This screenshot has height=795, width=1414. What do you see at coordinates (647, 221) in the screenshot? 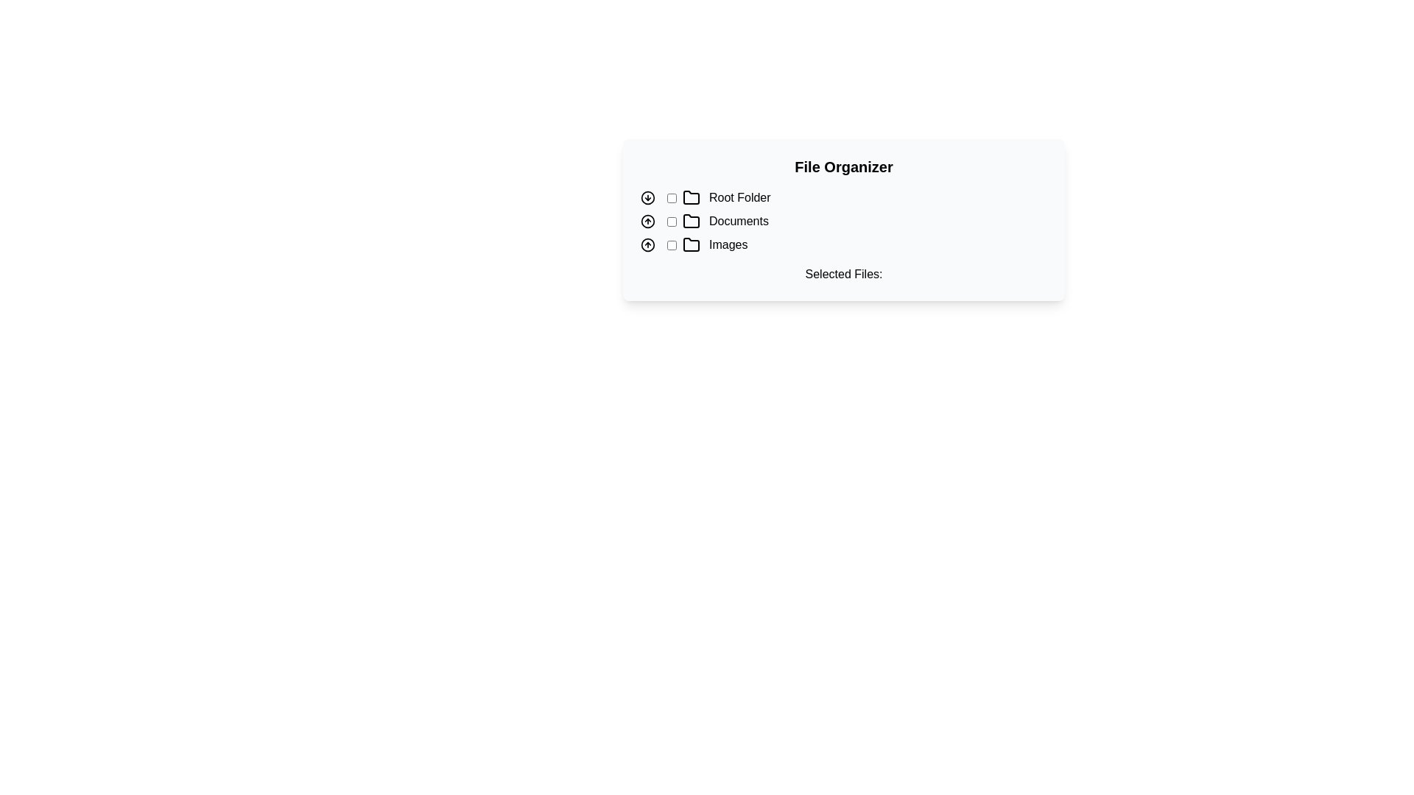
I see `the circular icon with an upward arrow that is part of the 'Documents' label in the file categories list` at bounding box center [647, 221].